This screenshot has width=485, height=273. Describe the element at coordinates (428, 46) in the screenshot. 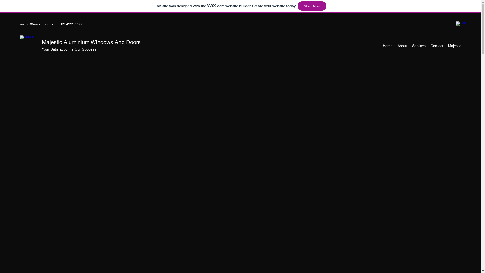

I see `'Contact'` at that location.